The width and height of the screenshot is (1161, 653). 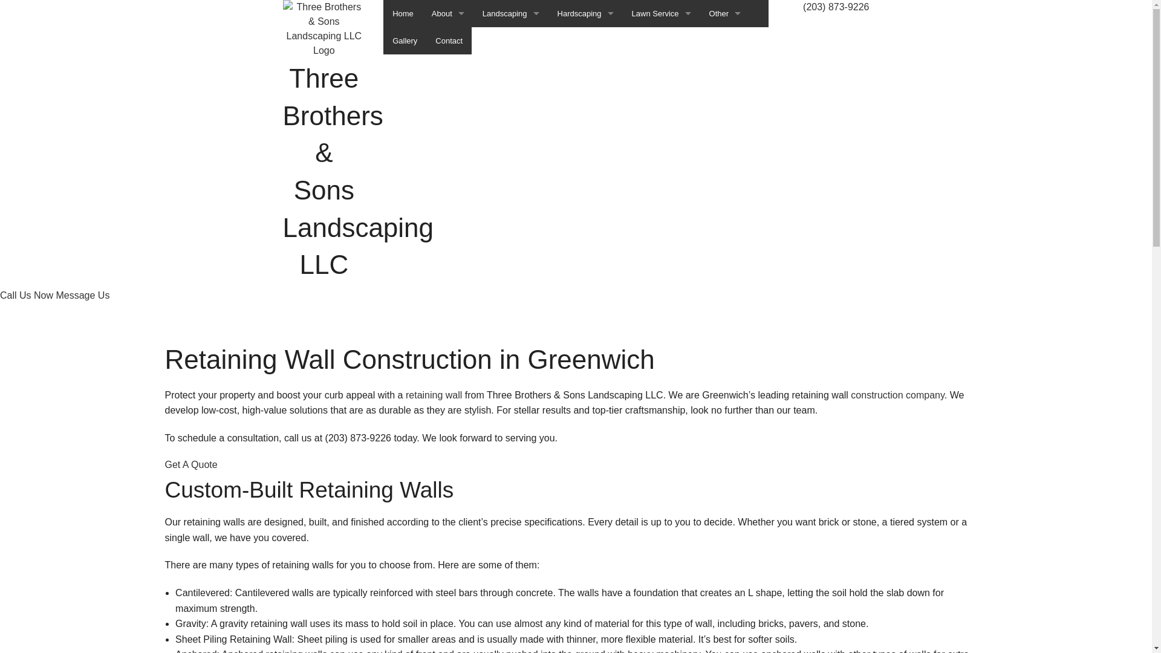 I want to click on 'Fall Yard Clean-Up', so click(x=725, y=421).